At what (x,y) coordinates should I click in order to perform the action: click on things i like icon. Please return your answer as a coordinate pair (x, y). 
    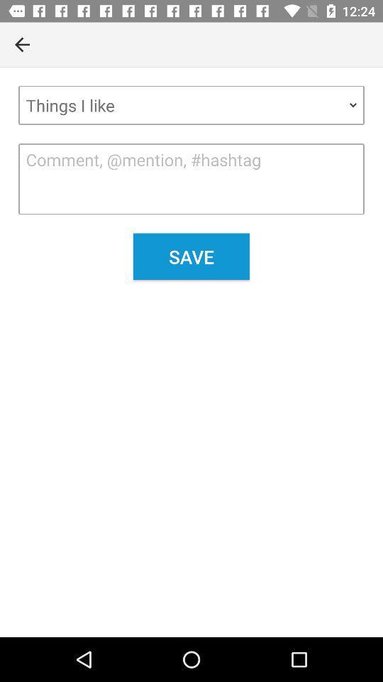
    Looking at the image, I should click on (191, 104).